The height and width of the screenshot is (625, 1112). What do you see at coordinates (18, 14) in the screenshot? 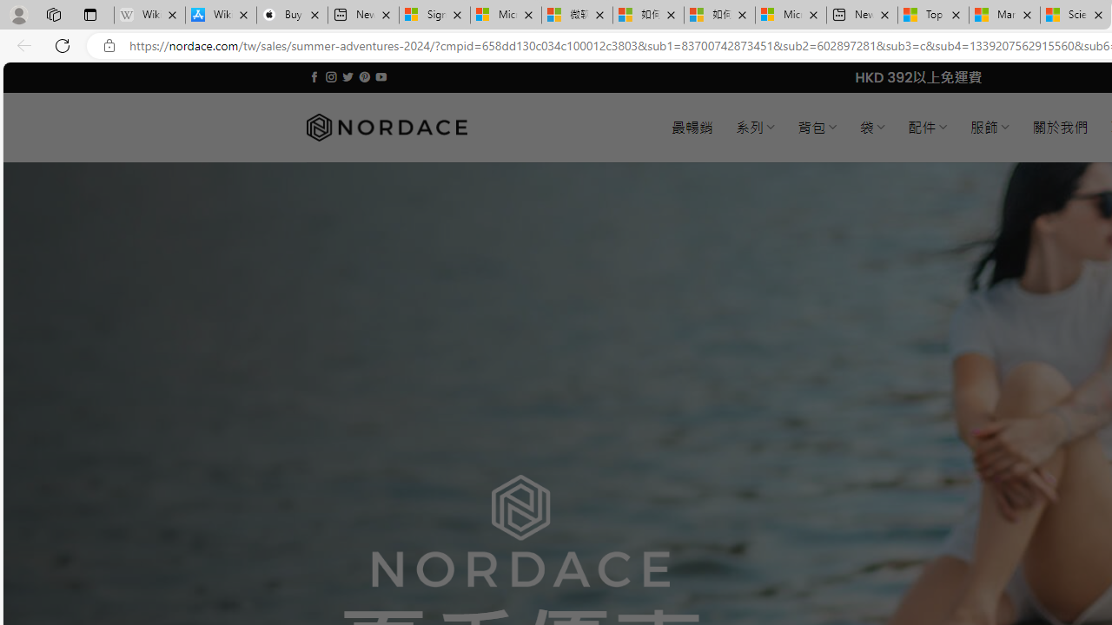
I see `'Personal Profile'` at bounding box center [18, 14].